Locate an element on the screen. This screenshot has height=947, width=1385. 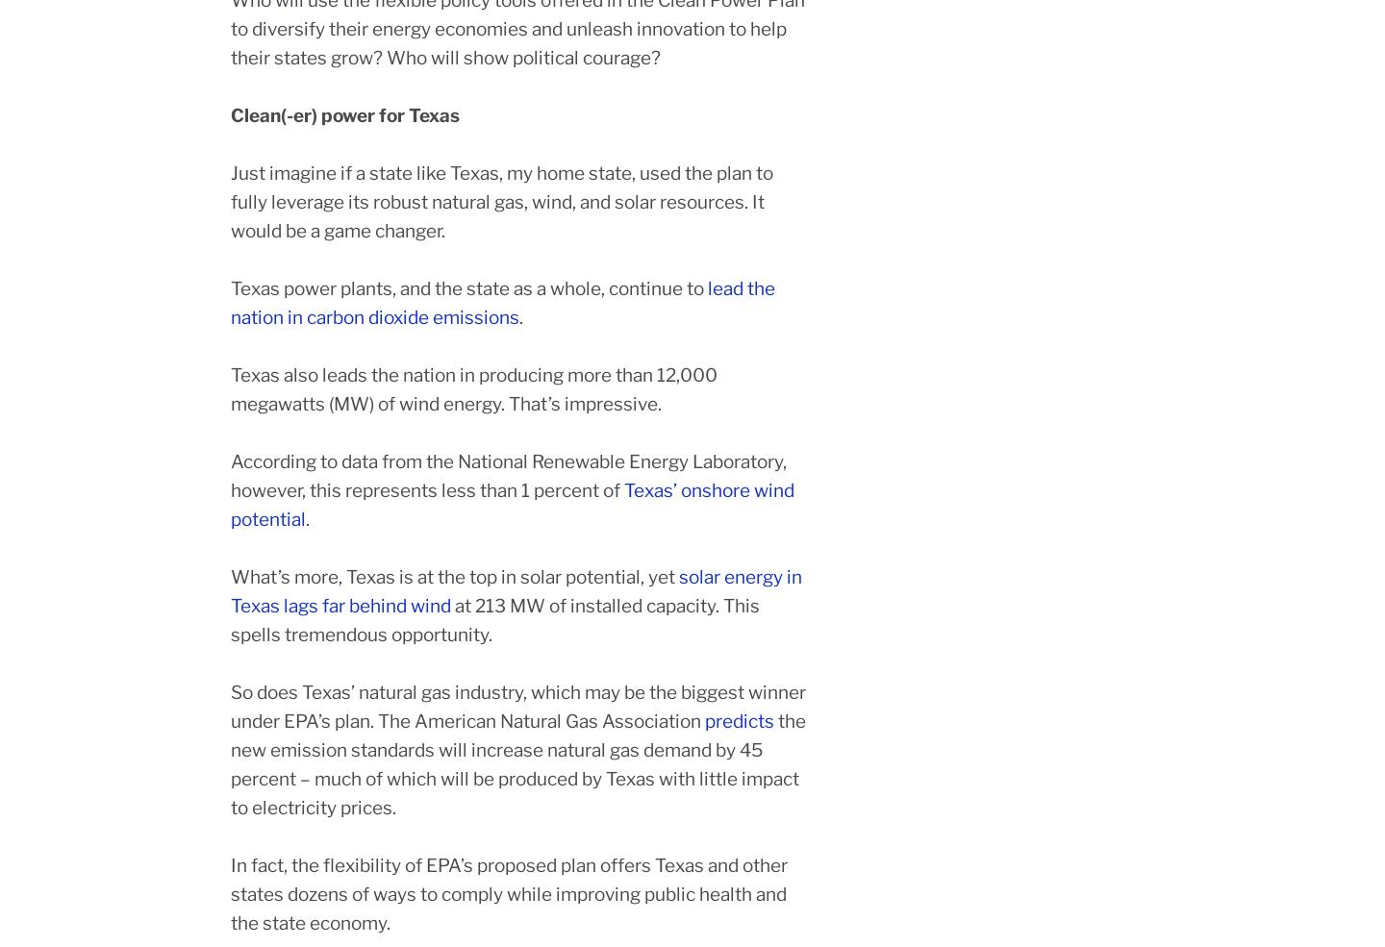
'Members' is located at coordinates (1060, 678).